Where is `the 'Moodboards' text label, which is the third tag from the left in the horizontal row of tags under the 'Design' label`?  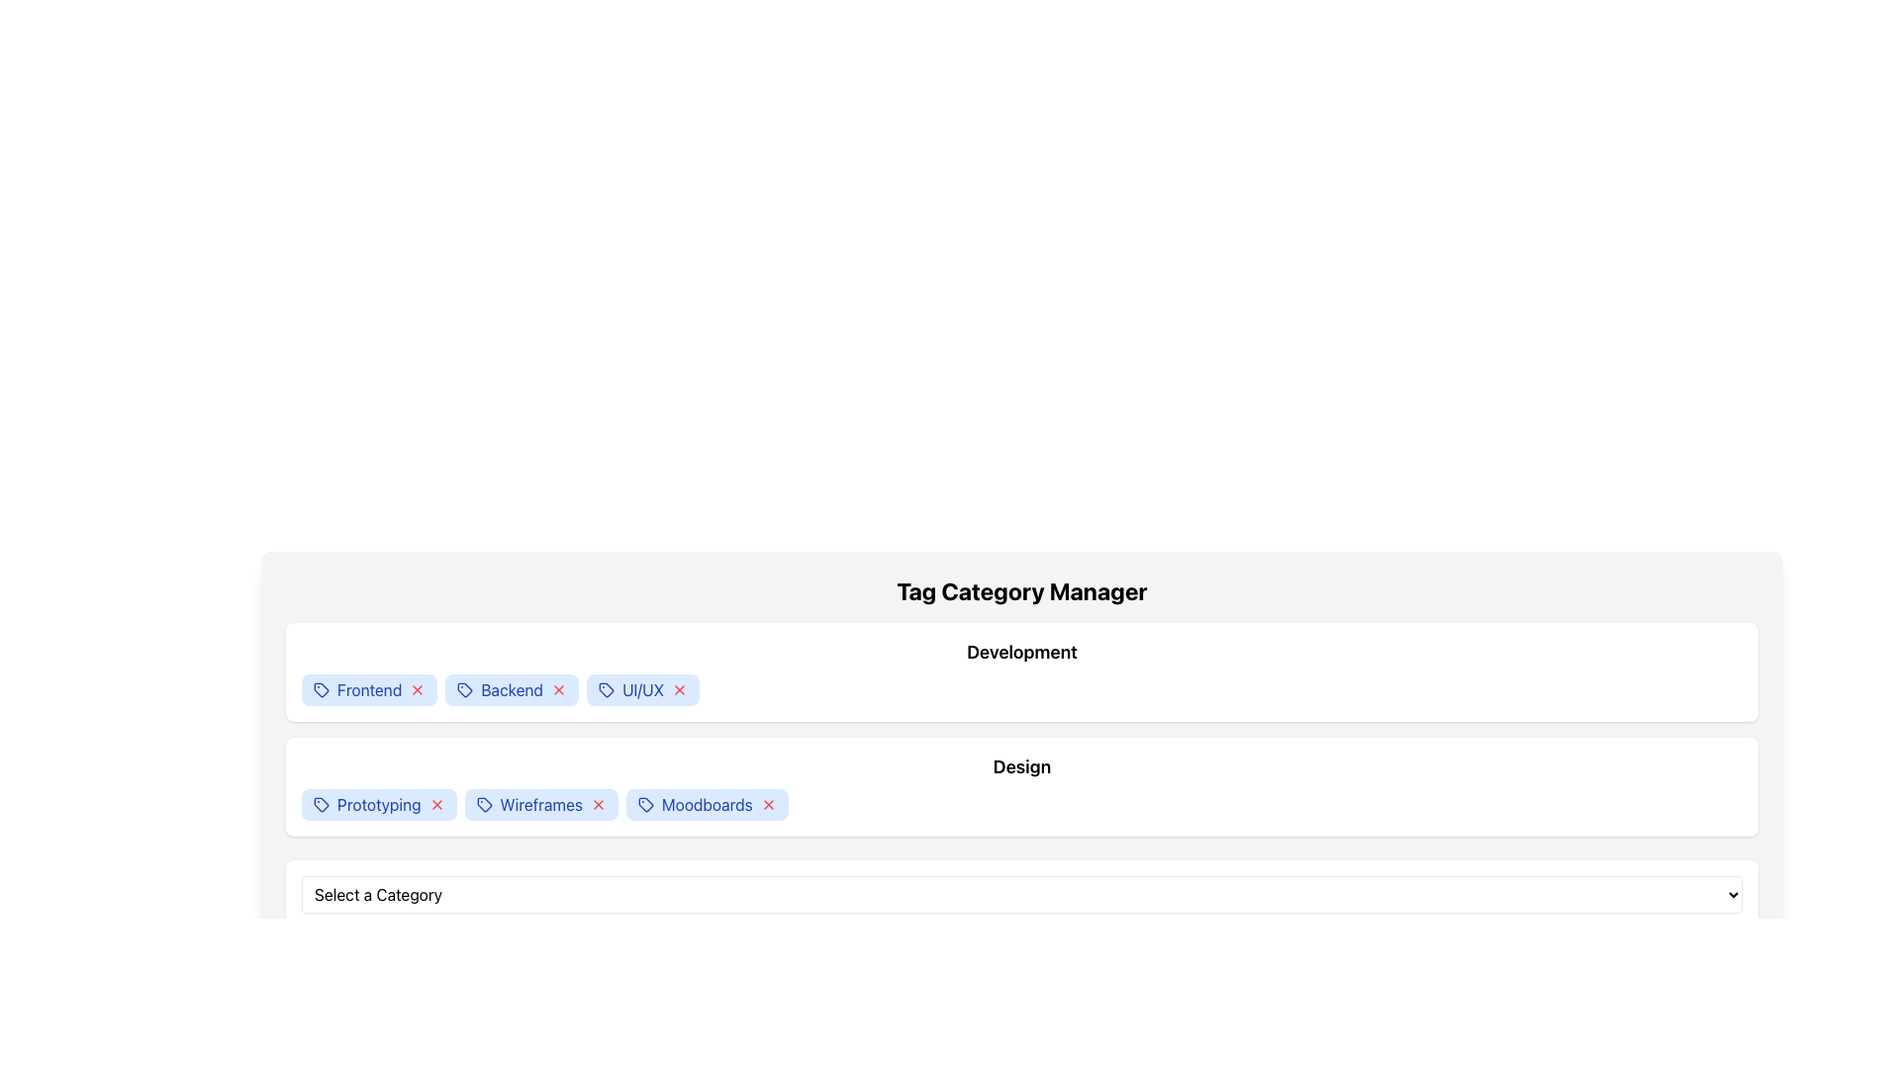
the 'Moodboards' text label, which is the third tag from the left in the horizontal row of tags under the 'Design' label is located at coordinates (707, 804).